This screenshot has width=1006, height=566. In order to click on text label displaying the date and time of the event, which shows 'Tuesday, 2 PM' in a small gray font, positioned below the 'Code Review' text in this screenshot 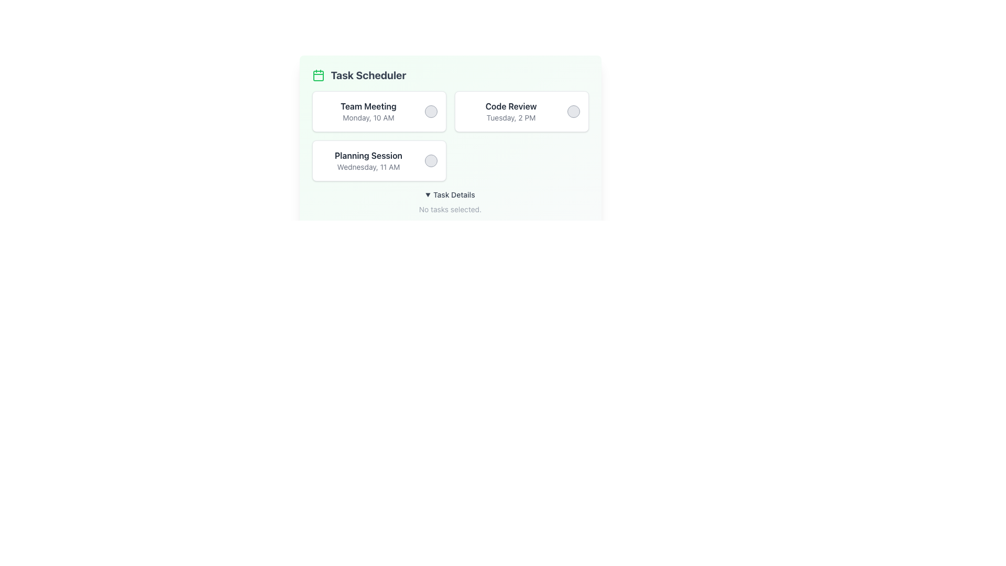, I will do `click(511, 117)`.